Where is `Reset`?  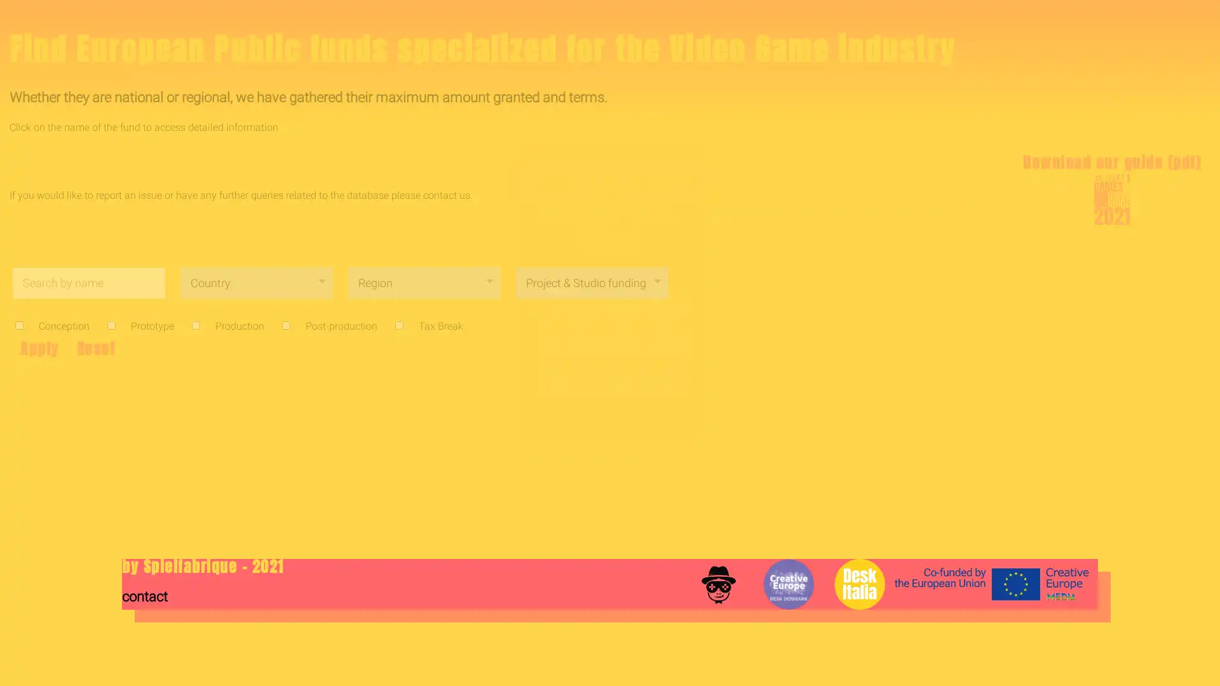 Reset is located at coordinates (95, 348).